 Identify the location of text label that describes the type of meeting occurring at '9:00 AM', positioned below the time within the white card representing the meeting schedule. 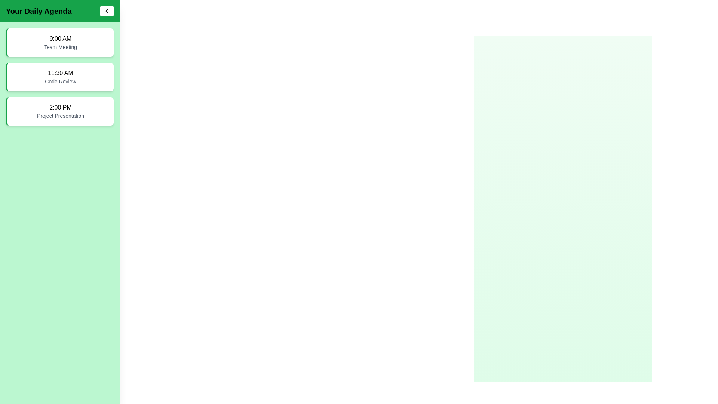
(61, 47).